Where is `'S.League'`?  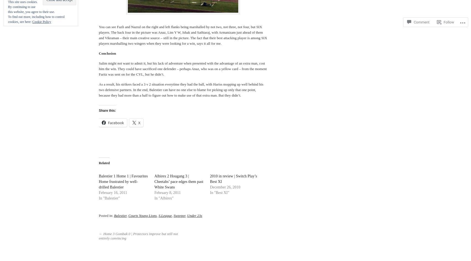
'S.League' is located at coordinates (165, 215).